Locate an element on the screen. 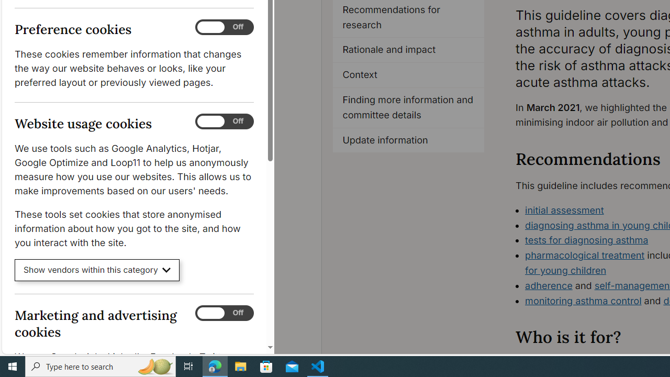  'monitoring asthma control' is located at coordinates (583, 300).